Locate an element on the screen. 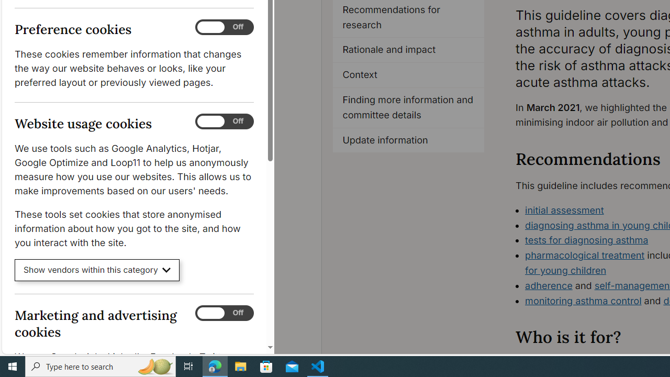  'monitoring asthma control' is located at coordinates (583, 300).